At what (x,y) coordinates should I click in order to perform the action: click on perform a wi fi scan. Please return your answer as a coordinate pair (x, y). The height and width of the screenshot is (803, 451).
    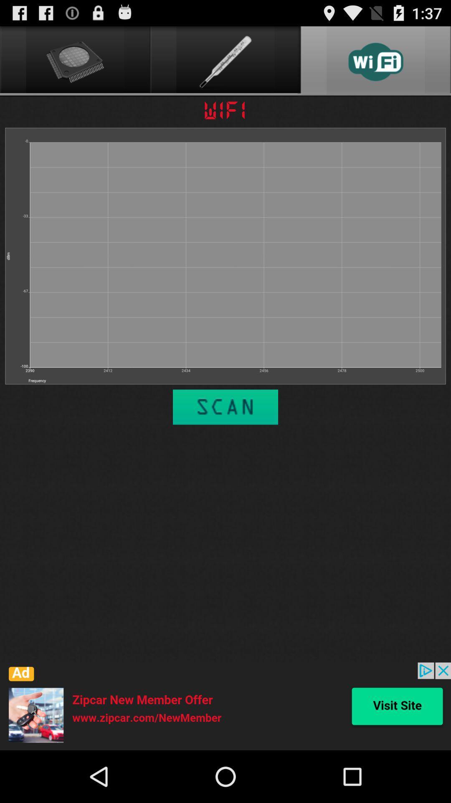
    Looking at the image, I should click on (225, 407).